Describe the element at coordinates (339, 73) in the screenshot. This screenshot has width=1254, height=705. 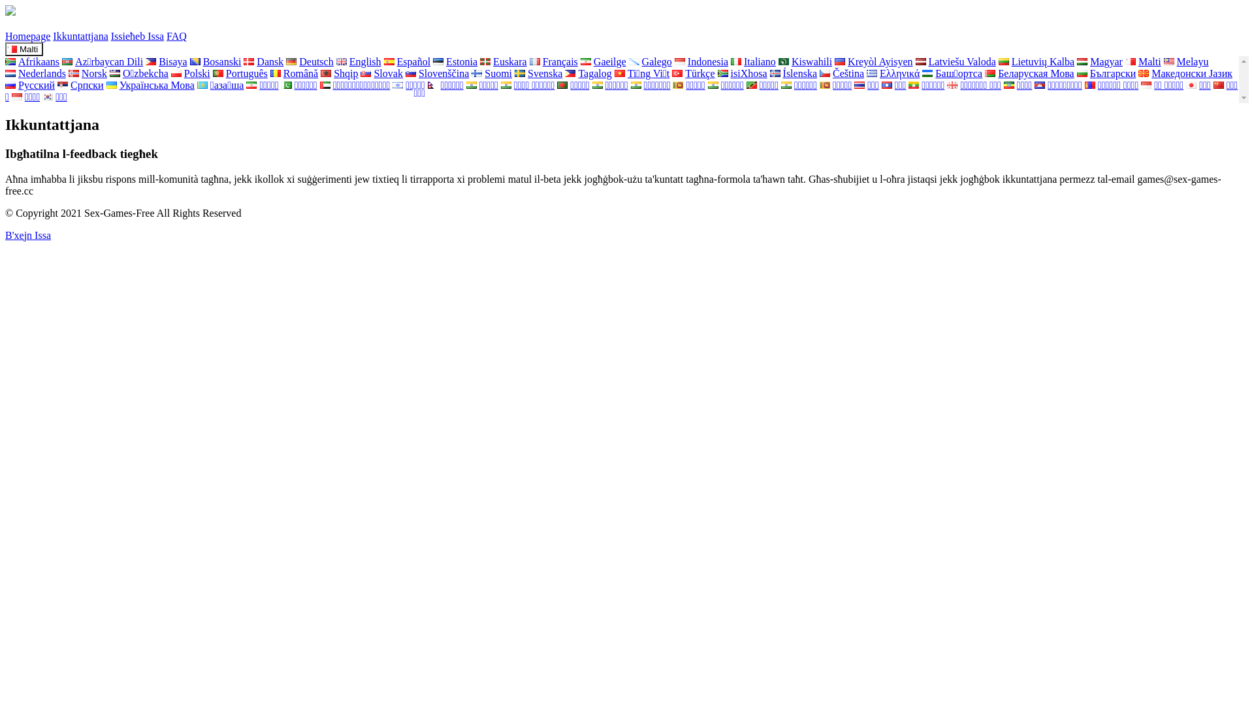
I see `'Shqip'` at that location.